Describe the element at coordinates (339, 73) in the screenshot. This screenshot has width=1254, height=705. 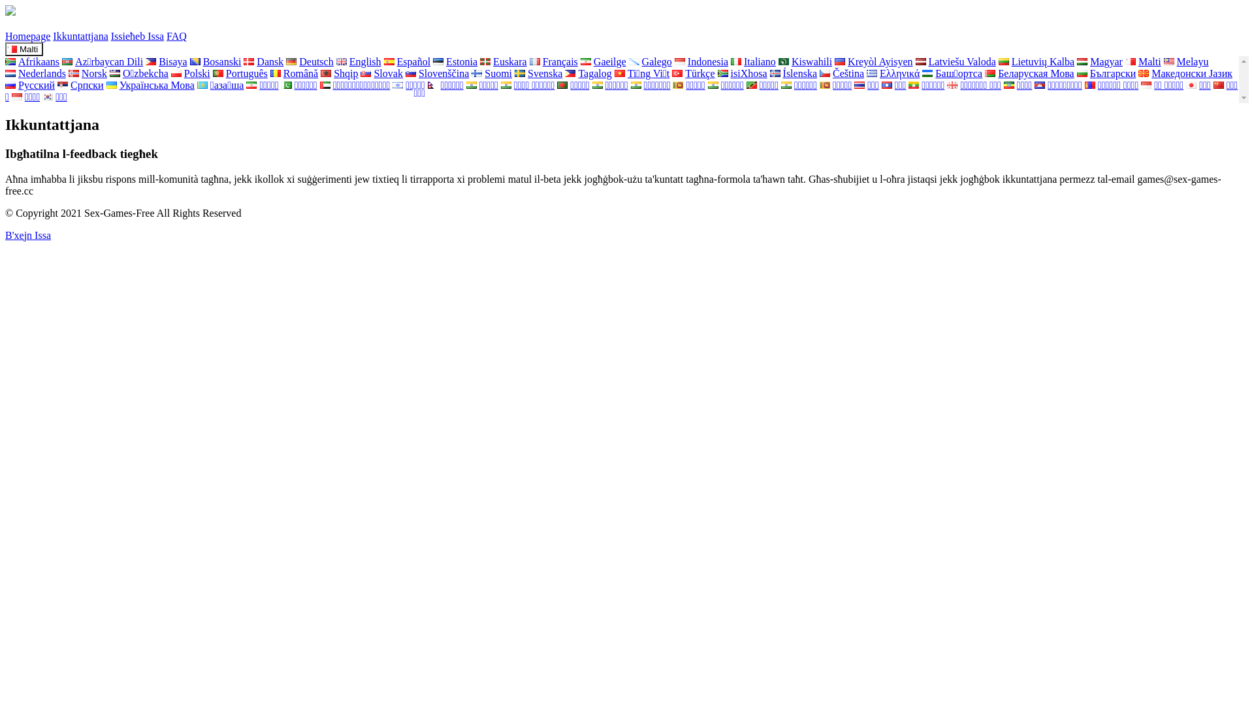
I see `'Shqip'` at that location.